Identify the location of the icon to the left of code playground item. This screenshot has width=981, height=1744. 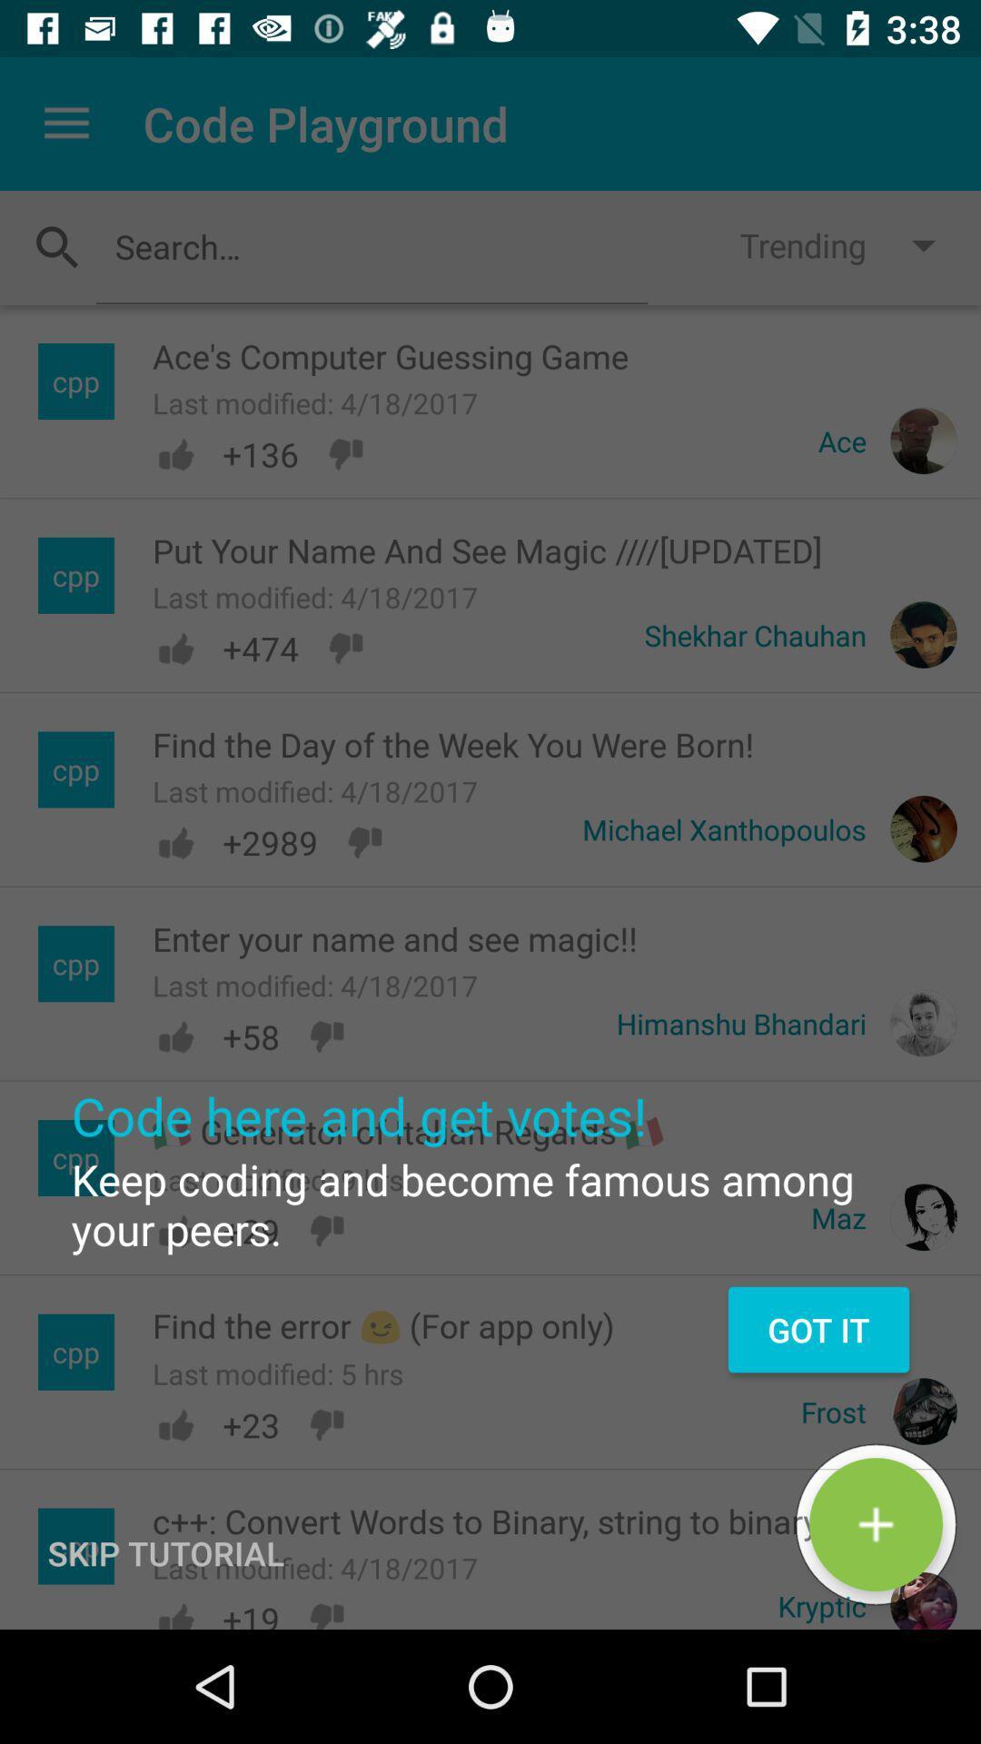
(65, 123).